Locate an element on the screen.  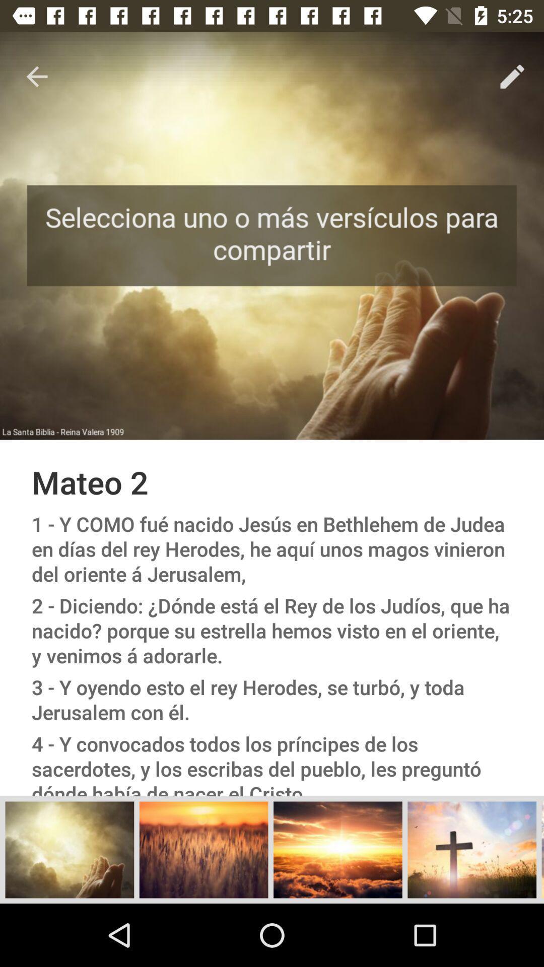
the 1 y como item is located at coordinates (272, 548).